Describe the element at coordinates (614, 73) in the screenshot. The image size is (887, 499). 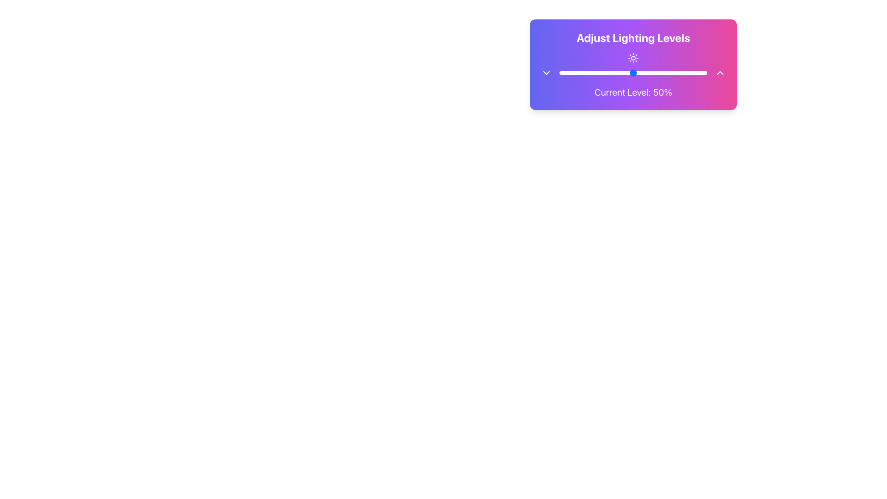
I see `the lighting level` at that location.